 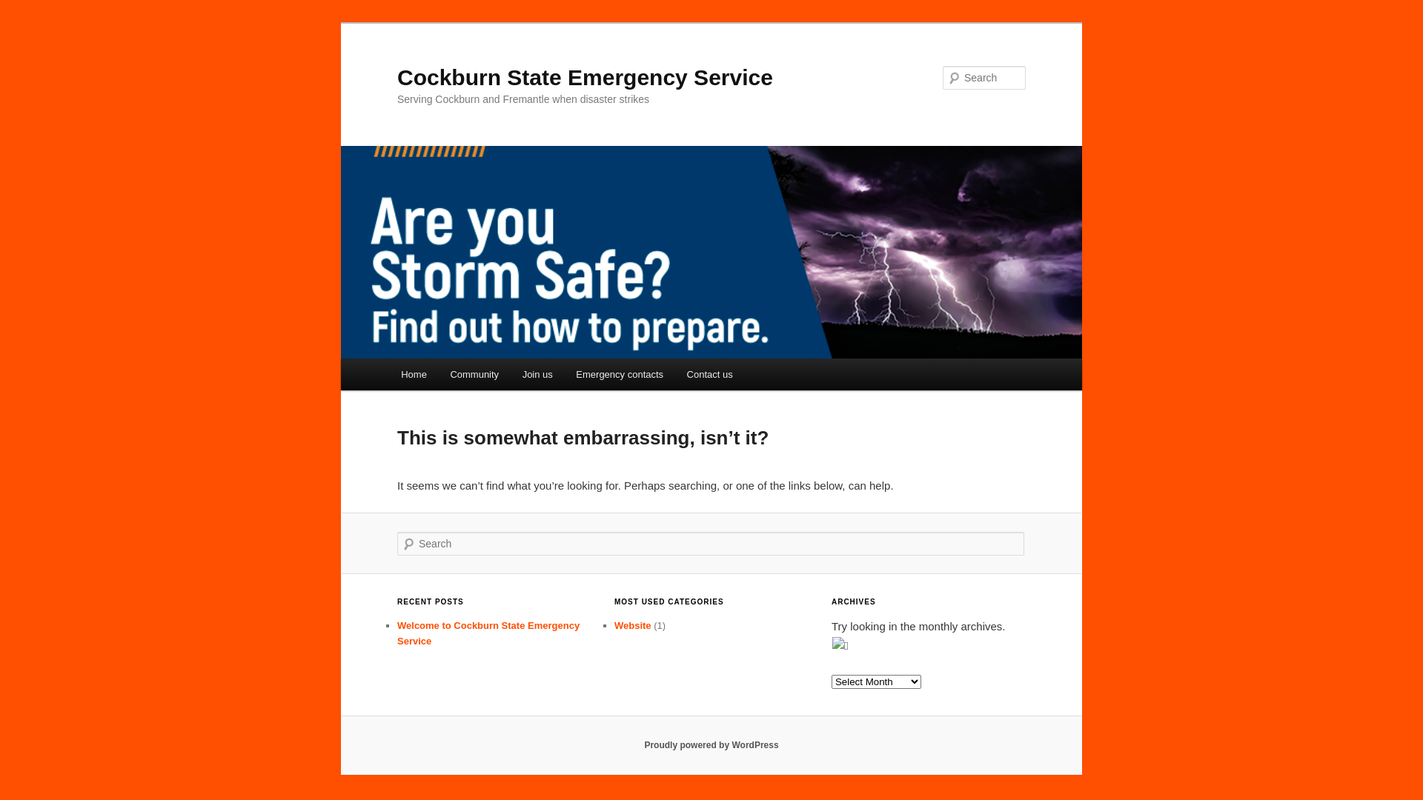 I want to click on 'Cockburn State Emergency Service', so click(x=584, y=77).